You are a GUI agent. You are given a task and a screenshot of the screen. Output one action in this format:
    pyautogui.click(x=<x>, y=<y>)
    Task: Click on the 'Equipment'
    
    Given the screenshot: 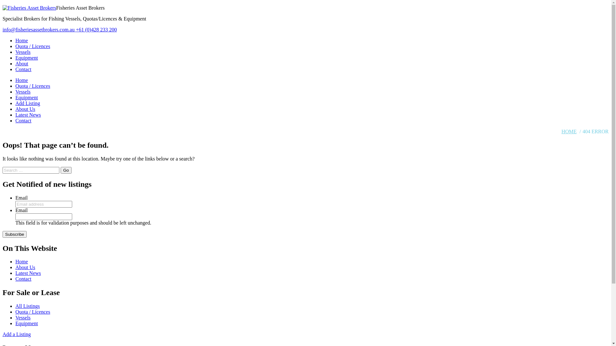 What is the action you would take?
    pyautogui.click(x=15, y=58)
    